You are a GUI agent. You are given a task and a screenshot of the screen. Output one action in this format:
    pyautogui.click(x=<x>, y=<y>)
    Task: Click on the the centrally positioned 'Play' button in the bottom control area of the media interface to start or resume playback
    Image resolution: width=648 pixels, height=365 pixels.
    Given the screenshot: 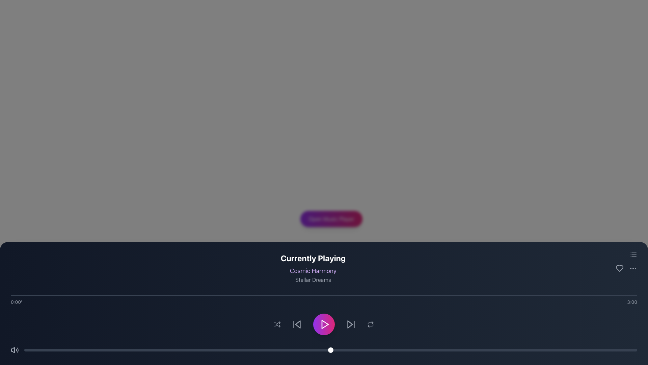 What is the action you would take?
    pyautogui.click(x=325, y=324)
    